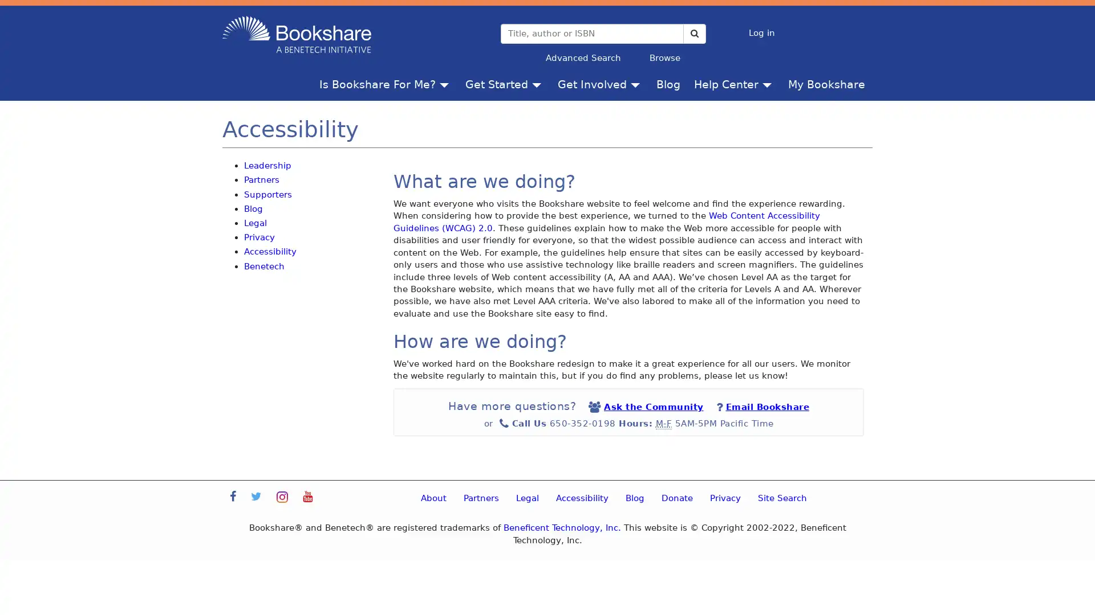 The image size is (1095, 615). I want to click on Is Bookshare For Me? menu, so click(446, 83).